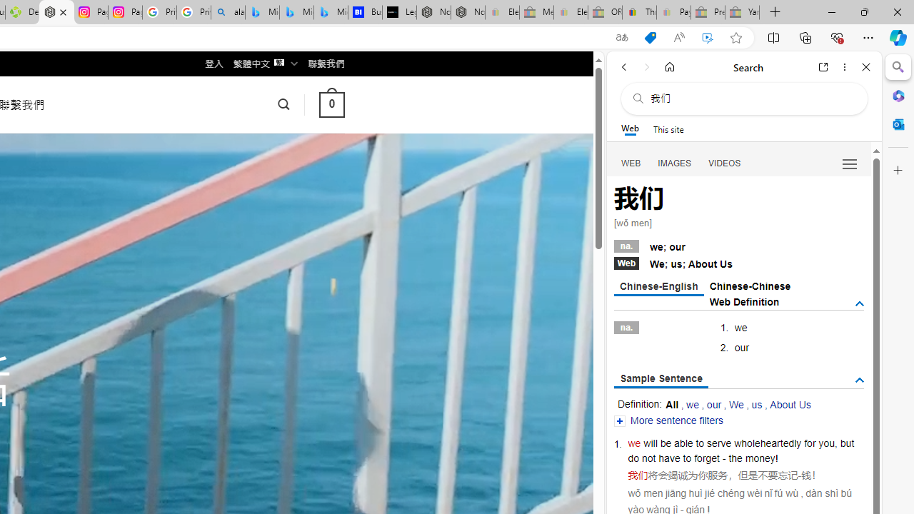 This screenshot has width=914, height=514. Describe the element at coordinates (858, 303) in the screenshot. I see `'AutomationID: tgdef'` at that location.